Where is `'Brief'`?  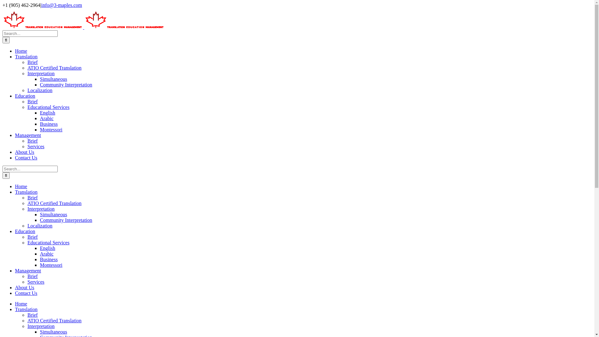
'Brief' is located at coordinates (32, 237).